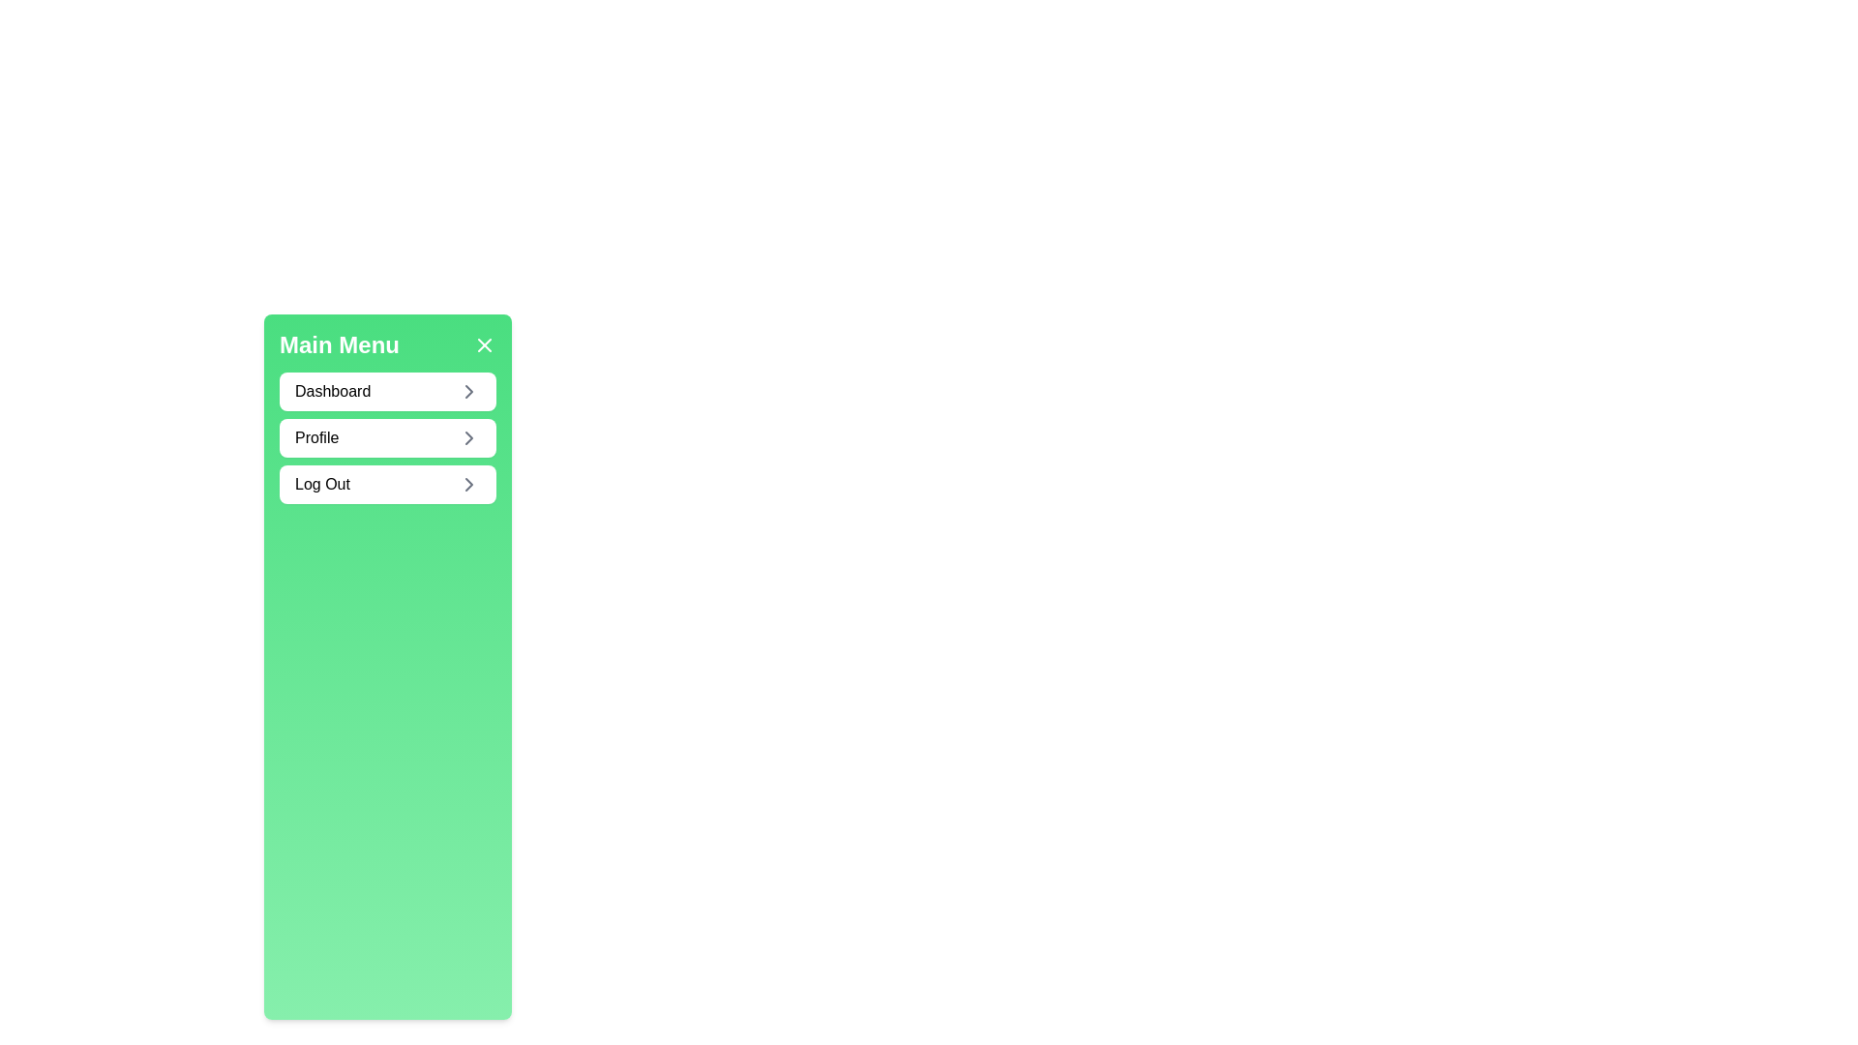 The width and height of the screenshot is (1858, 1045). What do you see at coordinates (387, 392) in the screenshot?
I see `the menu item labeled Dashboard` at bounding box center [387, 392].